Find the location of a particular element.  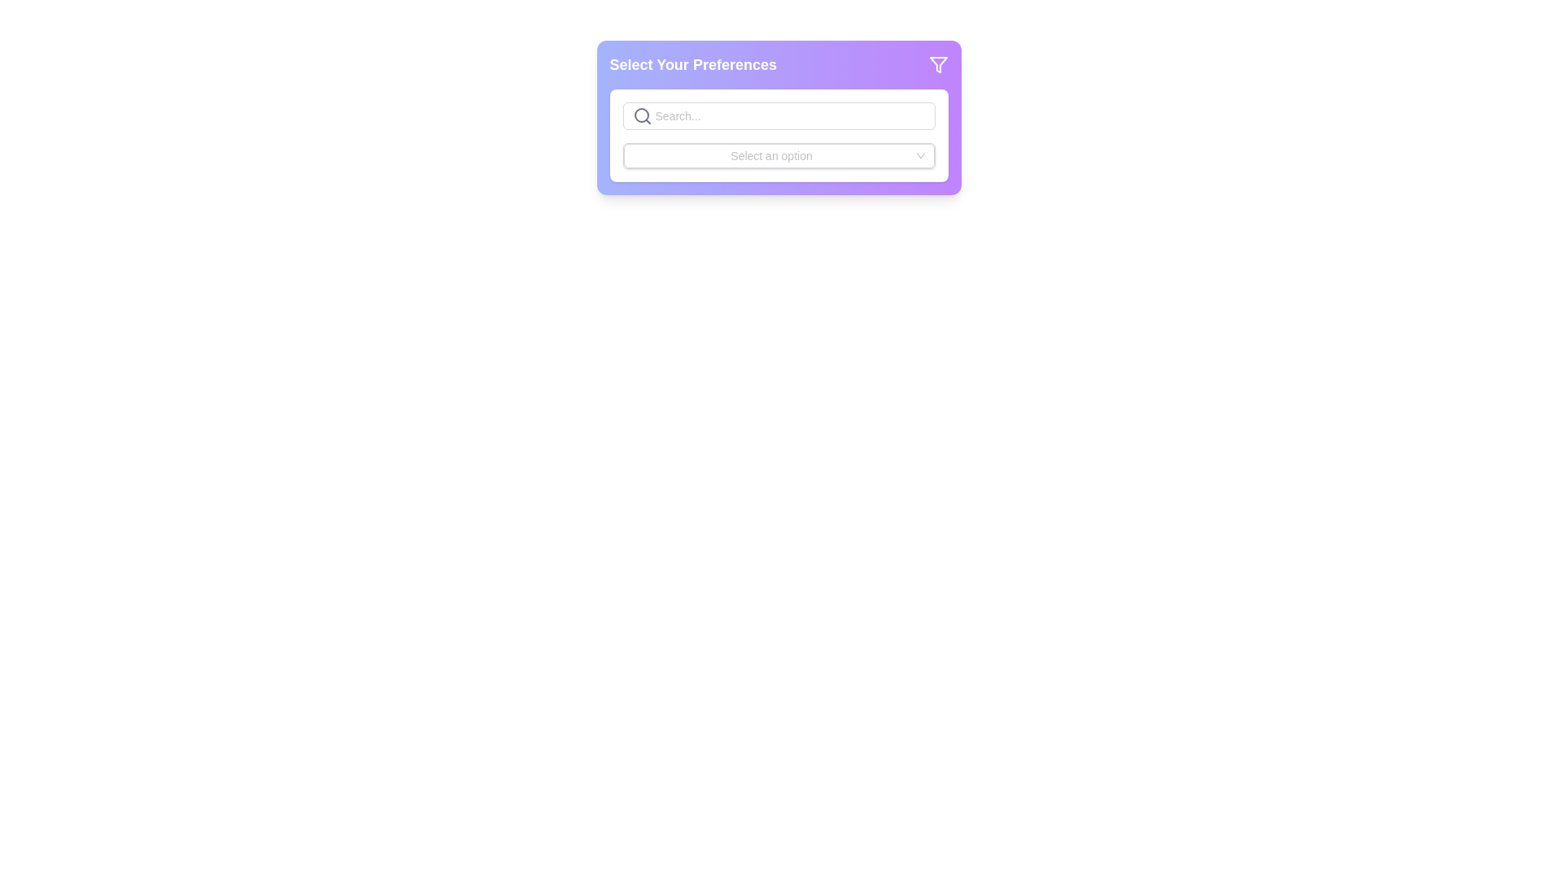

the dropdown menu with placeholder text 'Select an option', which is the second input field below the search bar is located at coordinates (778, 156).